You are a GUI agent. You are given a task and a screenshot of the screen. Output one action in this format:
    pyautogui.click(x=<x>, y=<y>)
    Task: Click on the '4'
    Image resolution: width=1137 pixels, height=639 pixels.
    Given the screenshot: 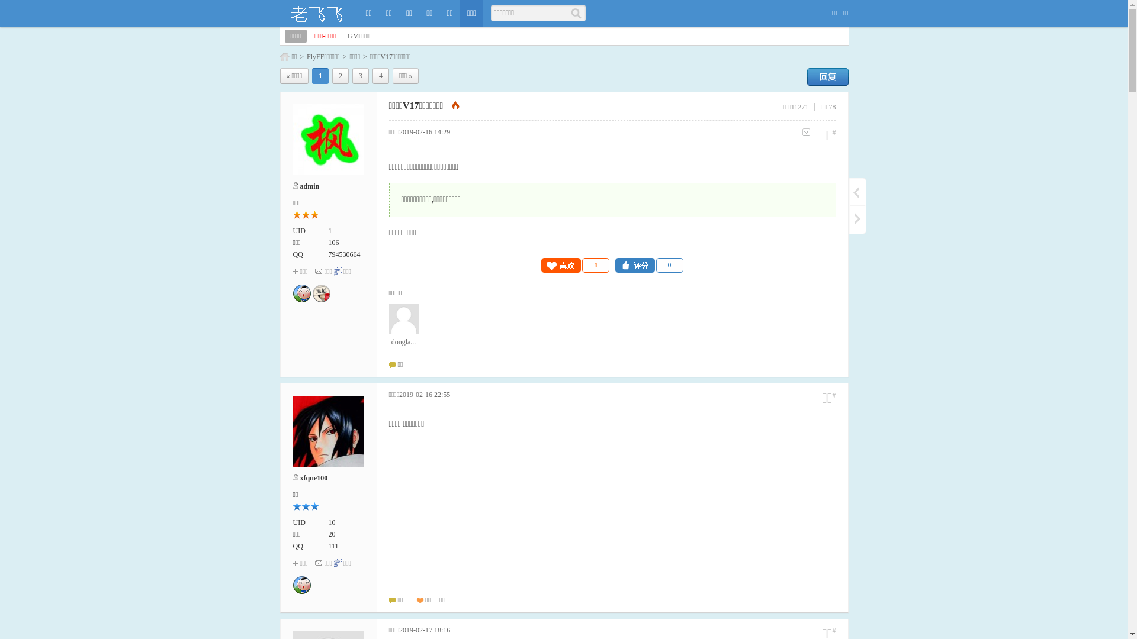 What is the action you would take?
    pyautogui.click(x=381, y=76)
    